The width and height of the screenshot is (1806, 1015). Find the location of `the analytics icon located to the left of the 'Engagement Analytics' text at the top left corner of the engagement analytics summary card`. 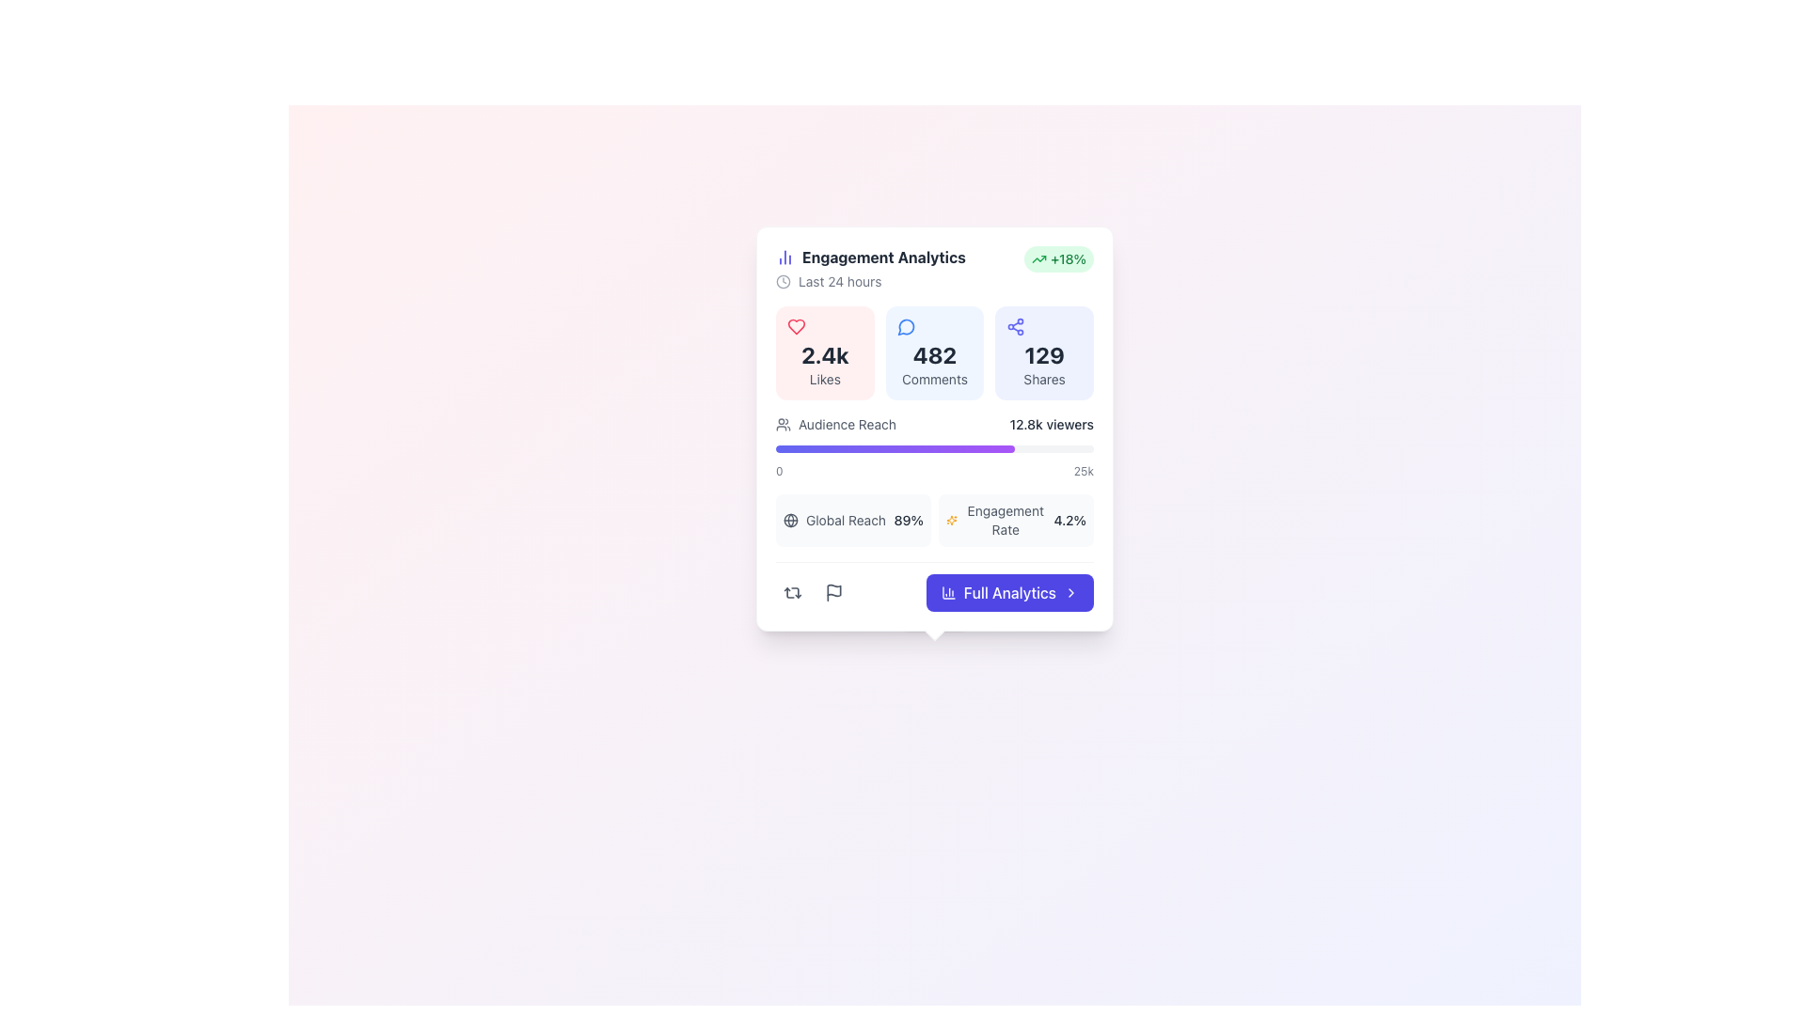

the analytics icon located to the left of the 'Engagement Analytics' text at the top left corner of the engagement analytics summary card is located at coordinates (785, 257).